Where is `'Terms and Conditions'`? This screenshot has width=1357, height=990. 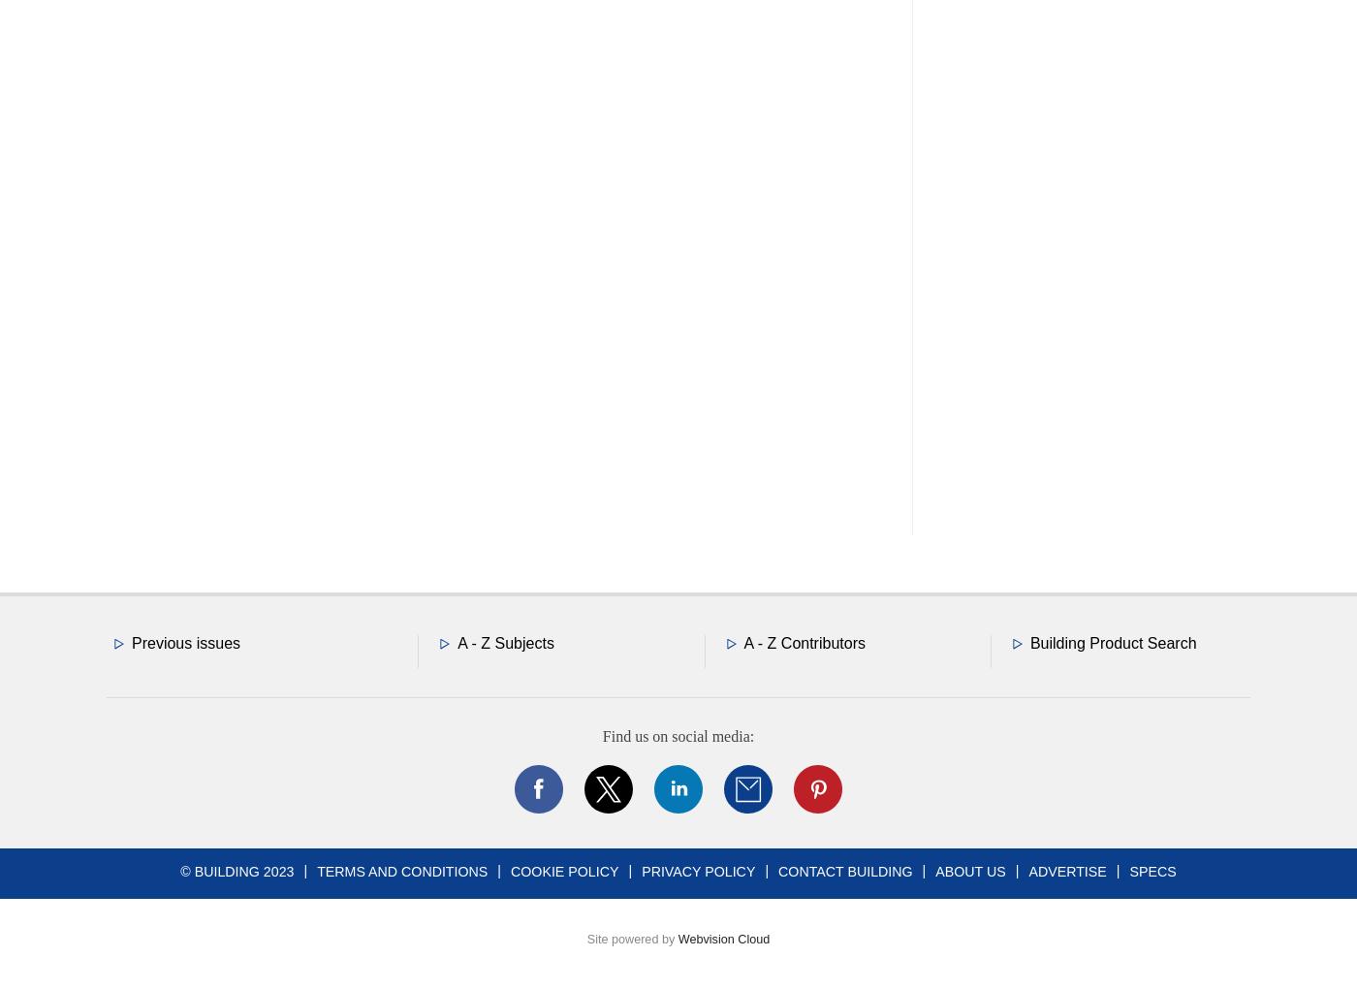 'Terms and Conditions' is located at coordinates (401, 869).